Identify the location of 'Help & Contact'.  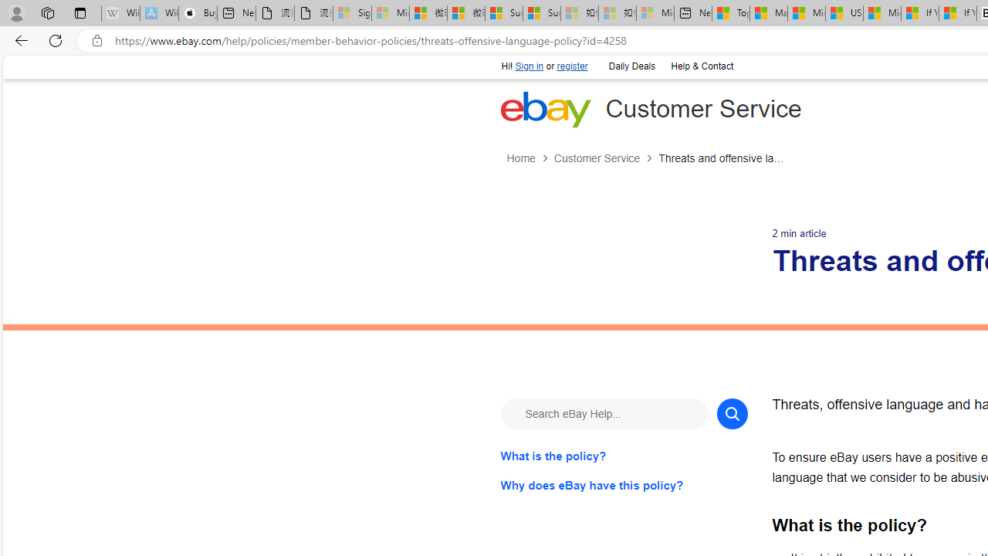
(700, 64).